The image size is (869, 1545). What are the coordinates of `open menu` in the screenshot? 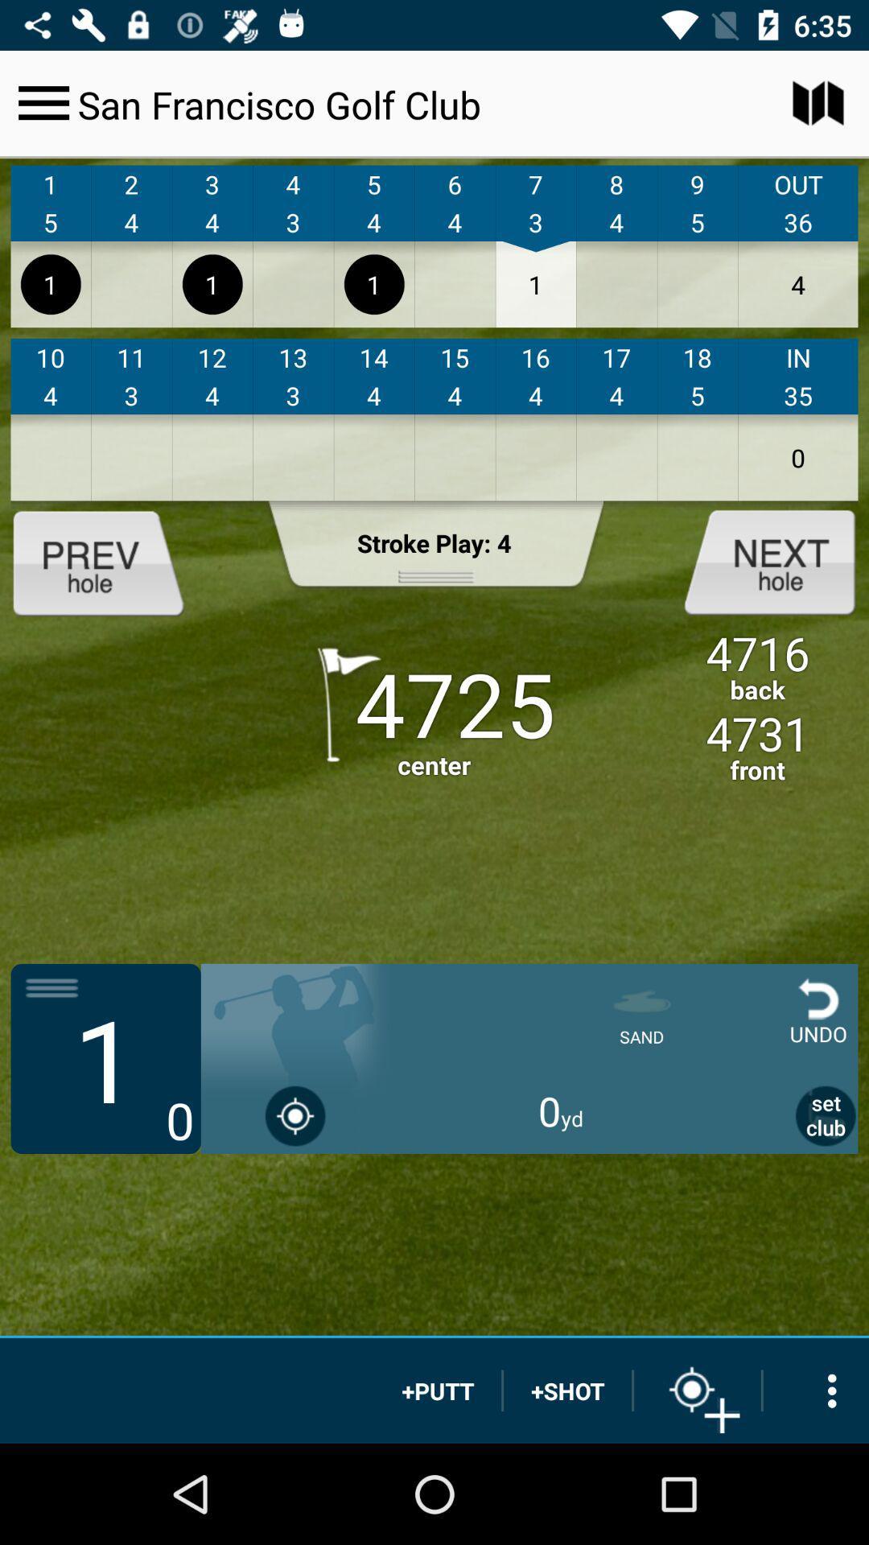 It's located at (43, 102).